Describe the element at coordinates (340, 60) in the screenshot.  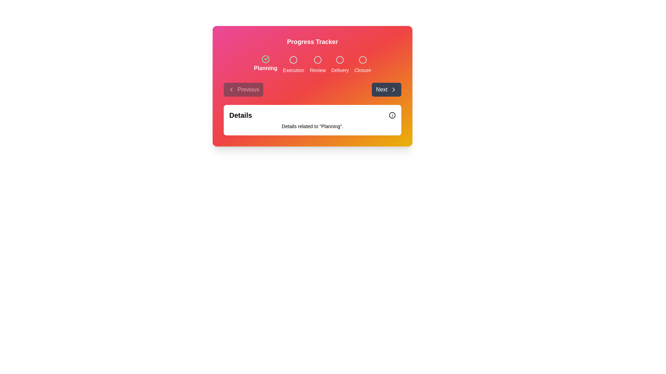
I see `the 'Delivery' stage icon in the progress tracker for accessibility-related actions` at that location.